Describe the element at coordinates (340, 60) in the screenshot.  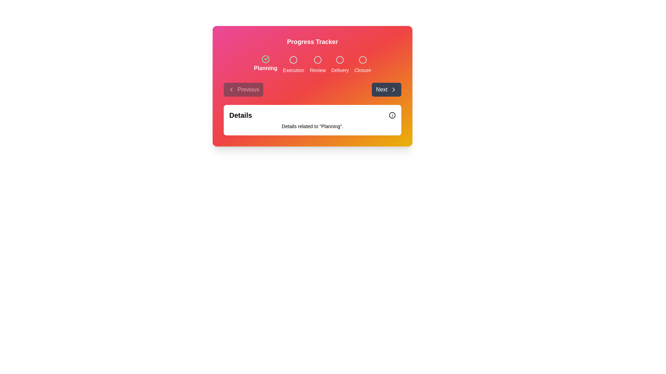
I see `the 'Delivery' stage icon in the progress tracker for accessibility-related actions` at that location.